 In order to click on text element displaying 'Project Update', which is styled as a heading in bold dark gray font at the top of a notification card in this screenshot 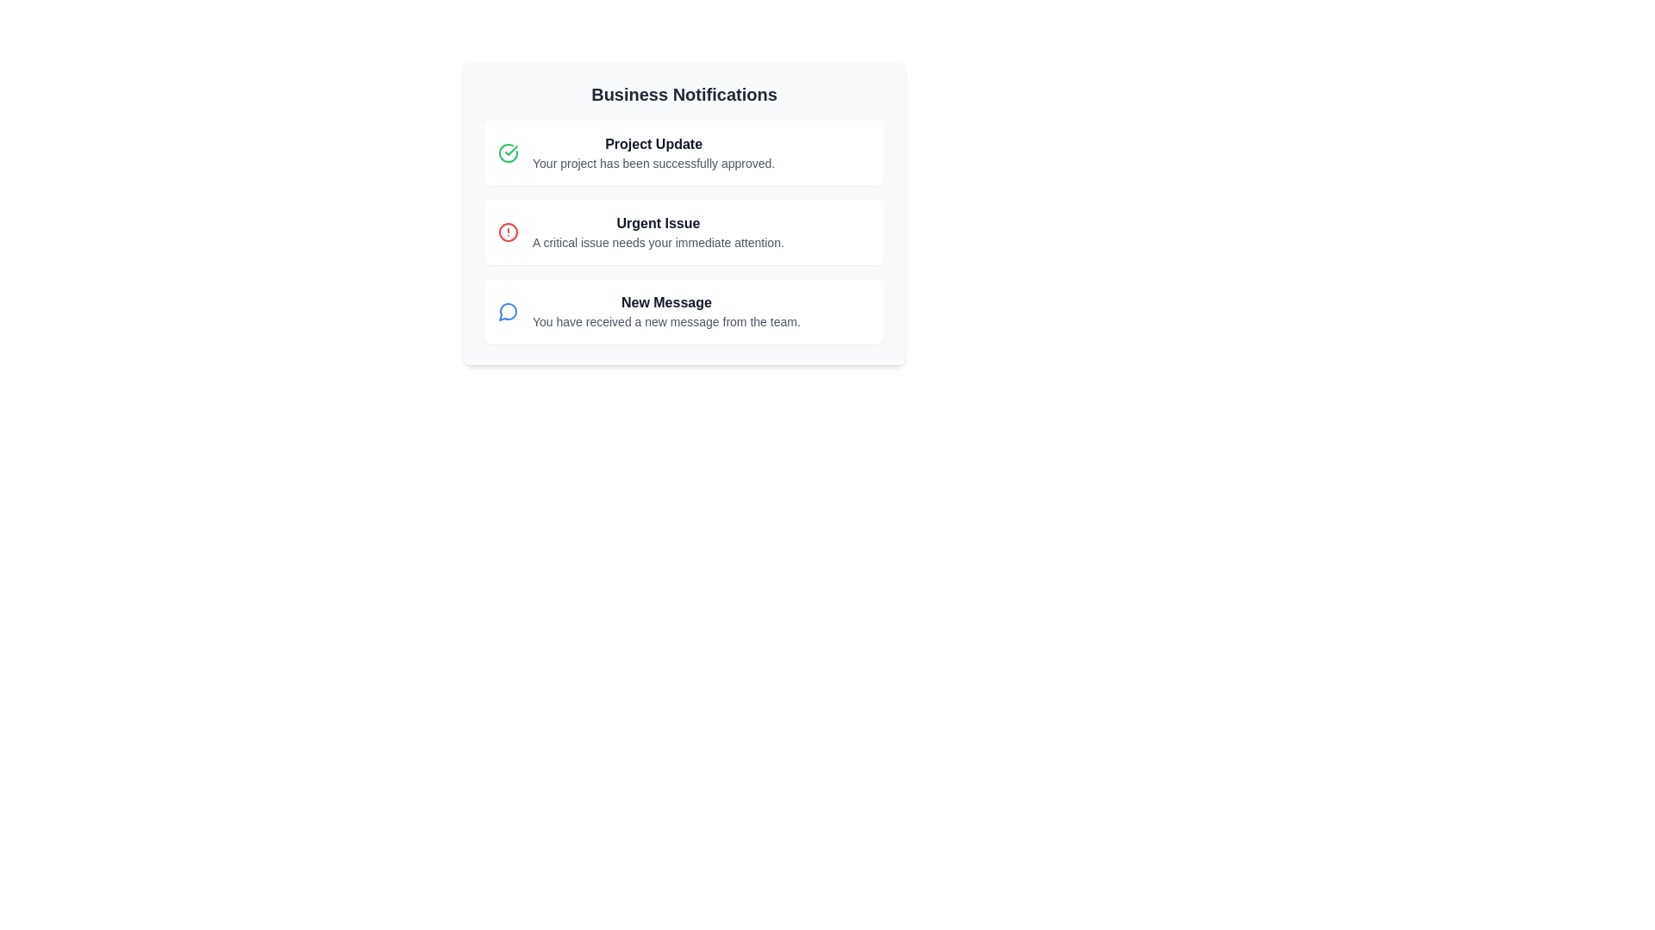, I will do `click(653, 144)`.